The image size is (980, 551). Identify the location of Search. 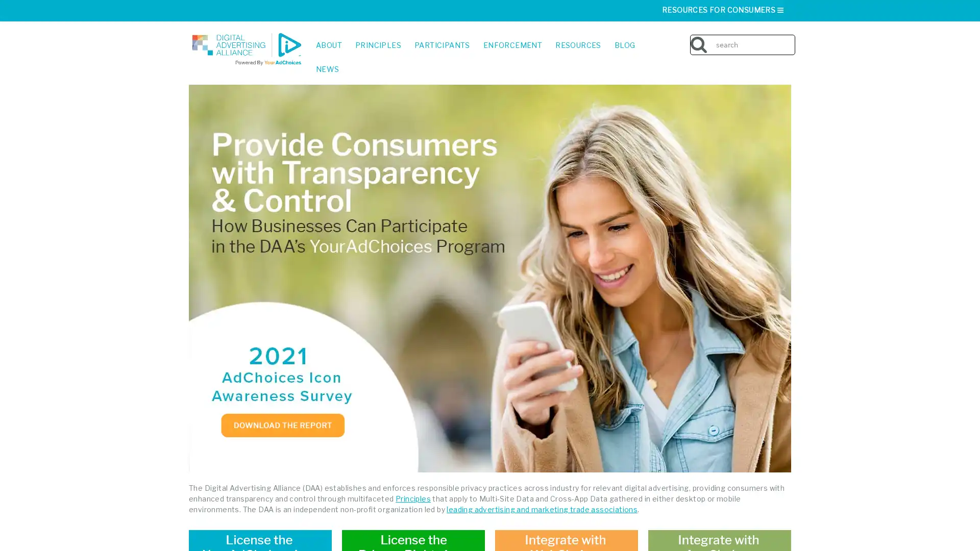
(811, 37).